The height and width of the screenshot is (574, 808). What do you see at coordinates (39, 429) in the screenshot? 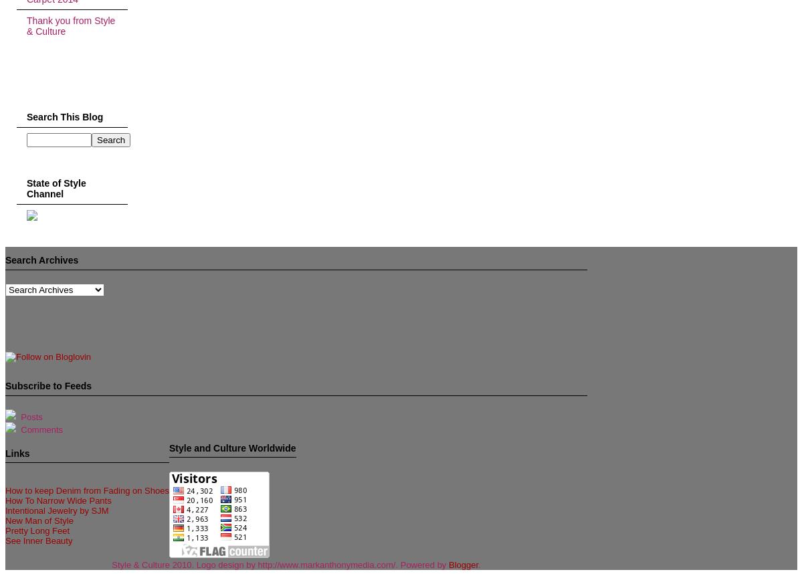
I see `'Comments'` at bounding box center [39, 429].